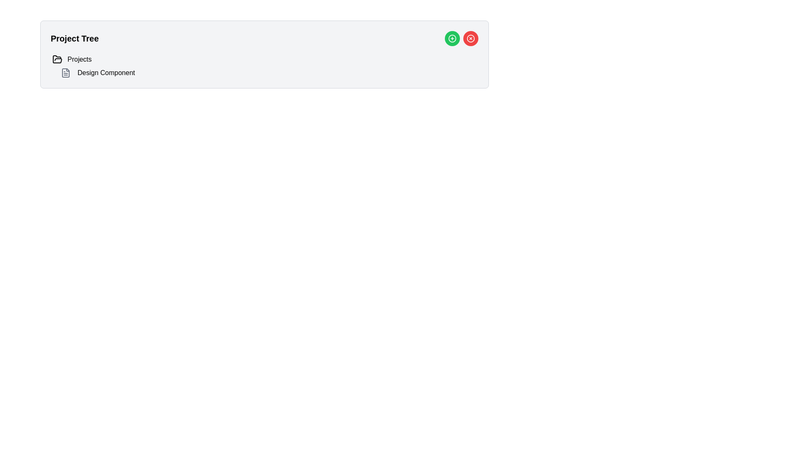  What do you see at coordinates (452, 39) in the screenshot?
I see `the green circular button featuring a white plus icon located at the top-right corner of the 'Project Tree' panel` at bounding box center [452, 39].